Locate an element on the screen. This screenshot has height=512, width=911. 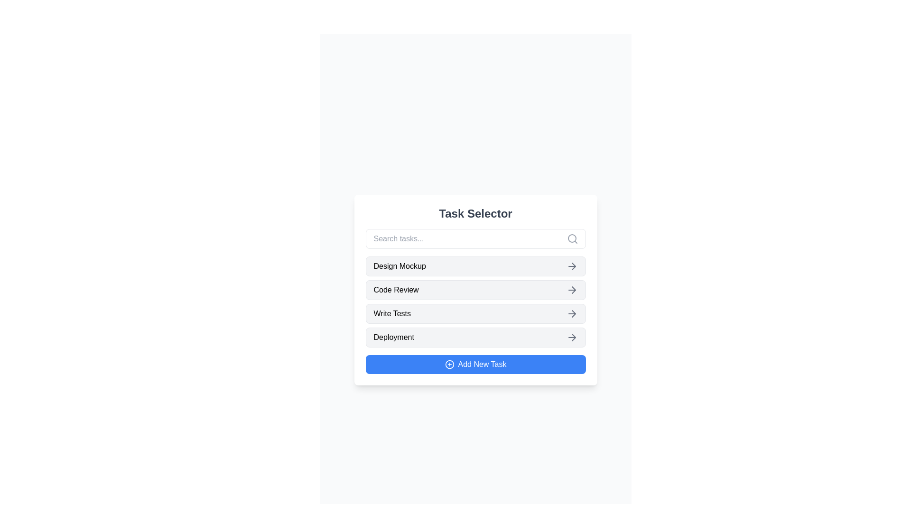
the task items in the vertically stacked list of selectable options within the 'Task Selector' box is located at coordinates (475, 302).